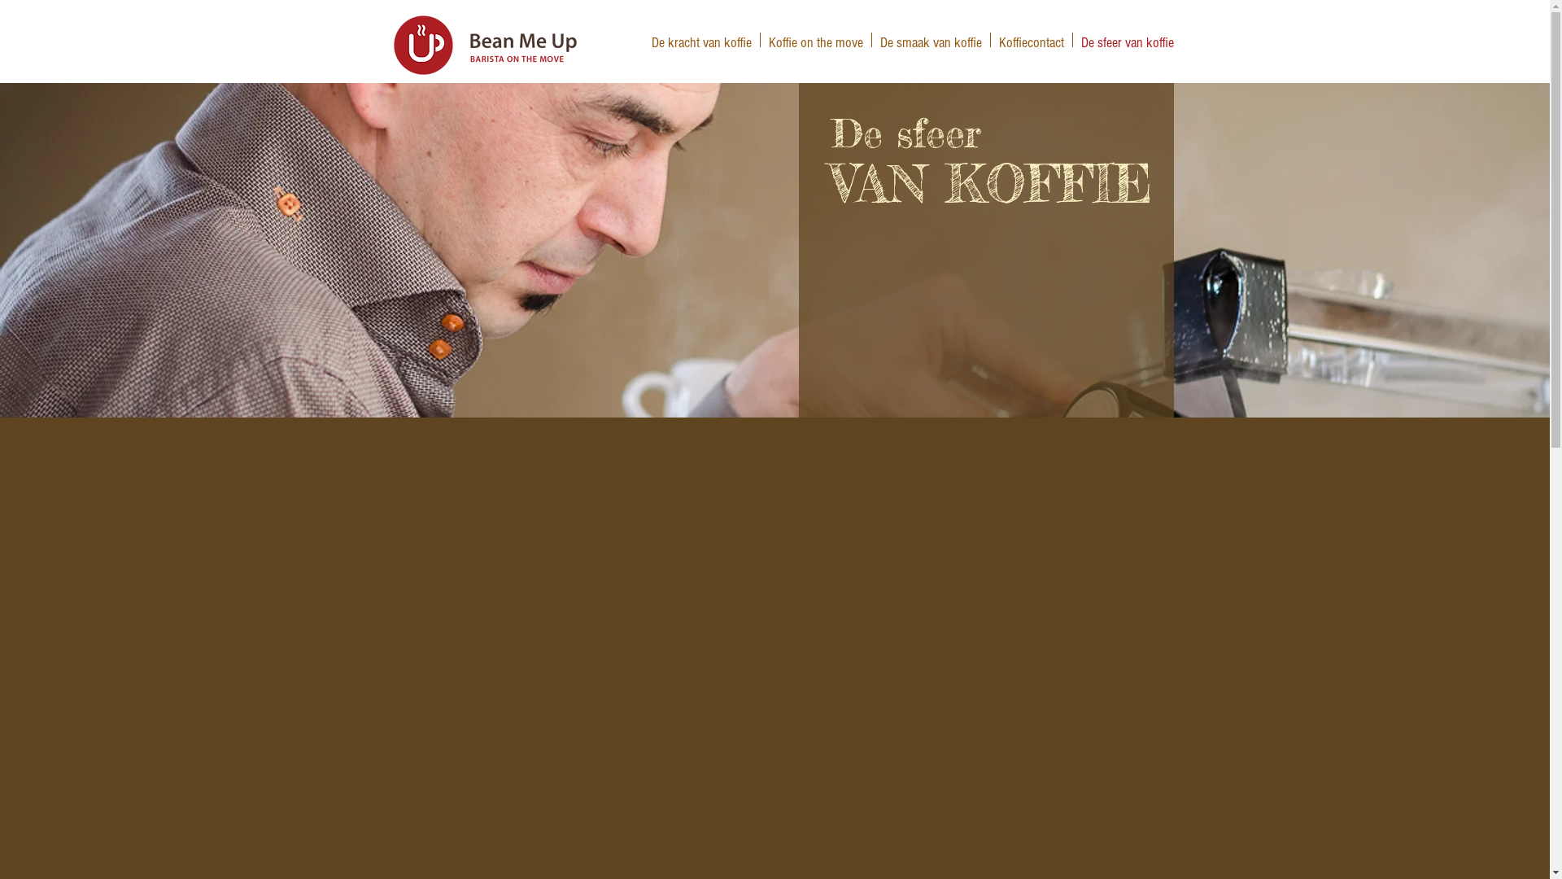 The image size is (1562, 879). I want to click on 'Koffie on the move', so click(815, 39).